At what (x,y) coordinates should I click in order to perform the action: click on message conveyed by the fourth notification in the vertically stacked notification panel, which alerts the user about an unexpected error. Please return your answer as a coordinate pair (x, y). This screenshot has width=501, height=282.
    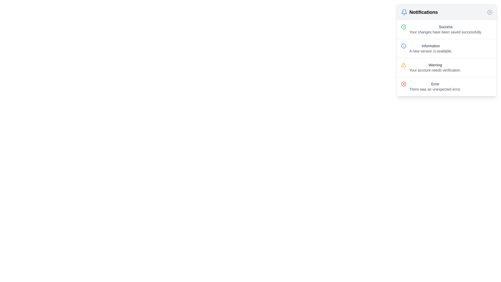
    Looking at the image, I should click on (446, 86).